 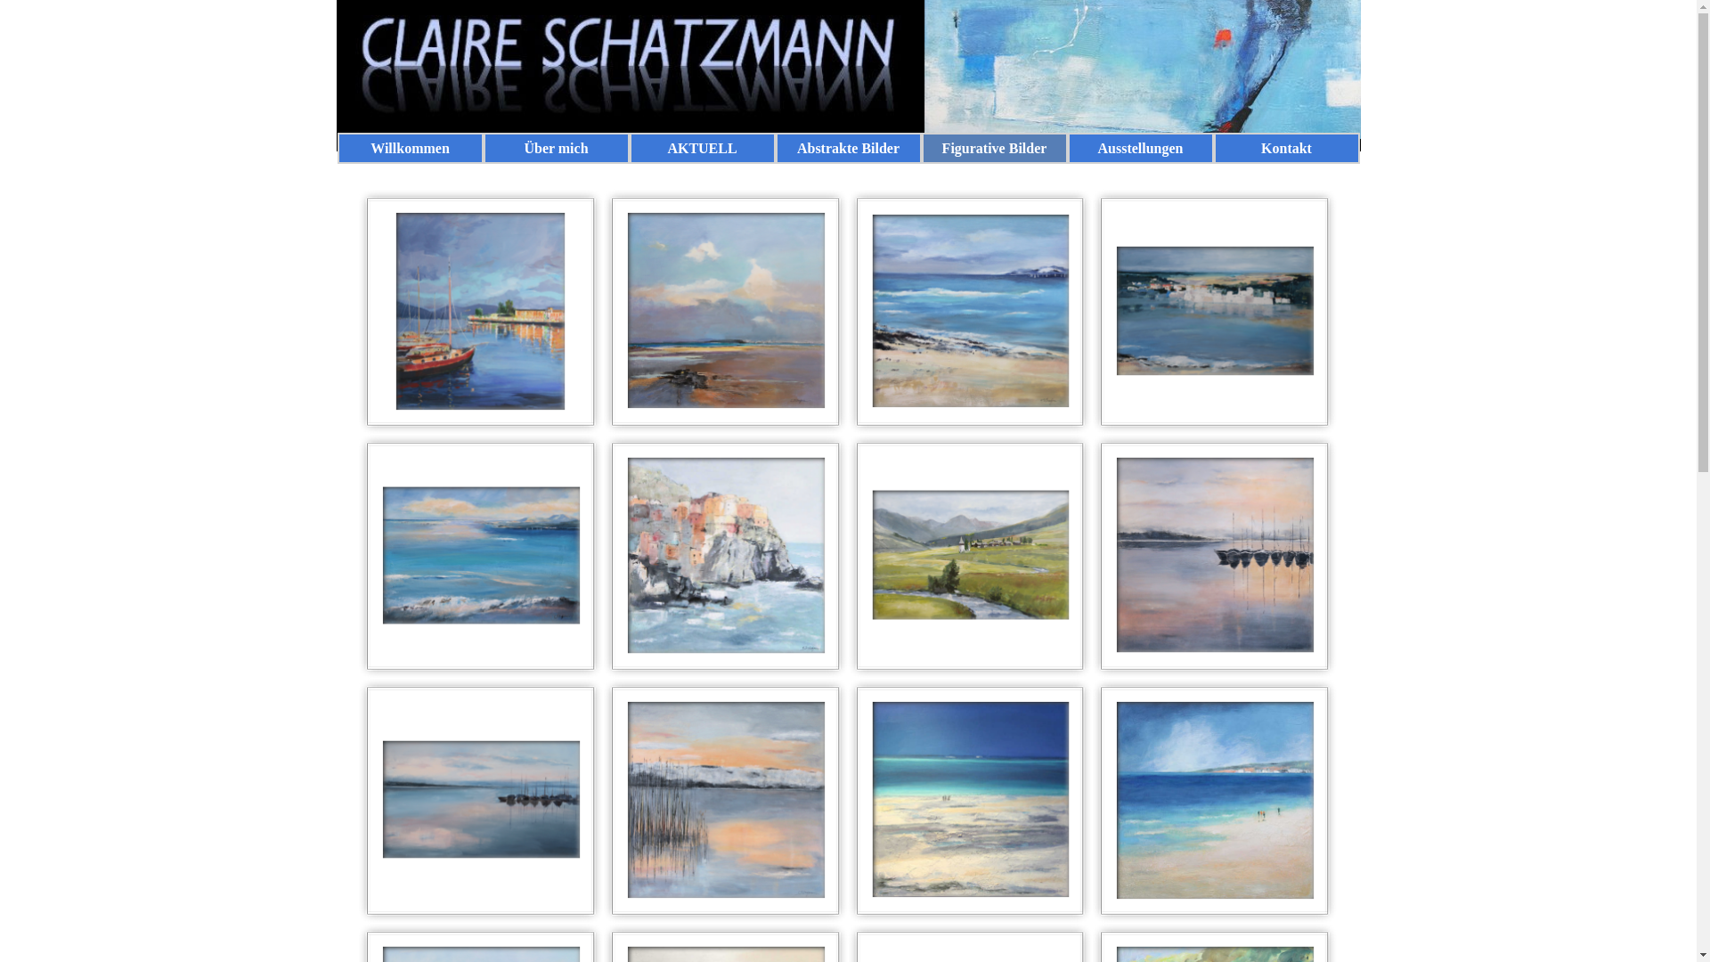 I want to click on 'Willkommen', so click(x=409, y=147).